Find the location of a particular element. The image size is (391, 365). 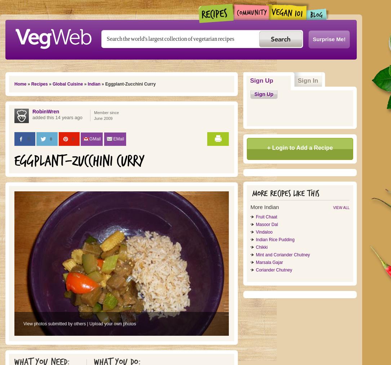

'|' is located at coordinates (87, 323).